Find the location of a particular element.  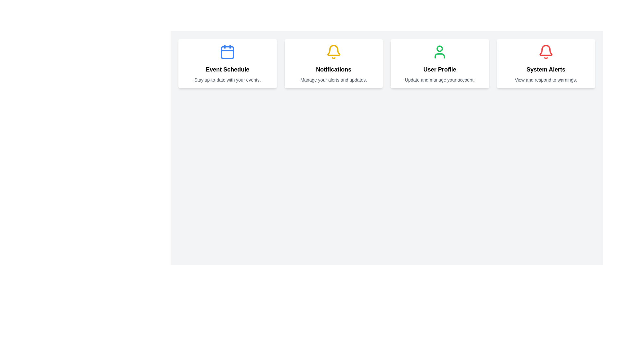

the blue calendar icon located at the top center of the 'Event Schedule' text box, which is the leftmost card in a row of four cards is located at coordinates (227, 51).